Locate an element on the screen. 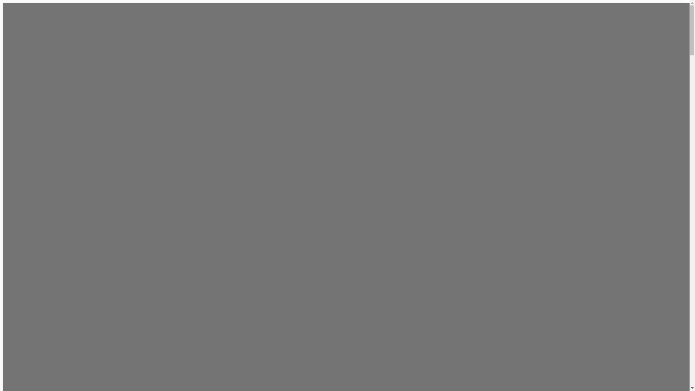  'Land & Environment Court: Fenwick v Woodside Properties' is located at coordinates (346, 318).